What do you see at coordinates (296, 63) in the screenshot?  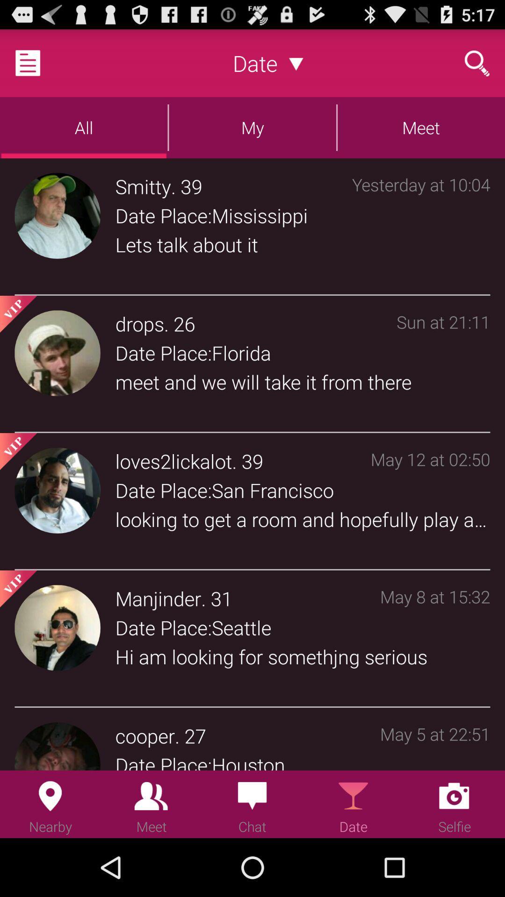 I see `sort date by ascending or descending` at bounding box center [296, 63].